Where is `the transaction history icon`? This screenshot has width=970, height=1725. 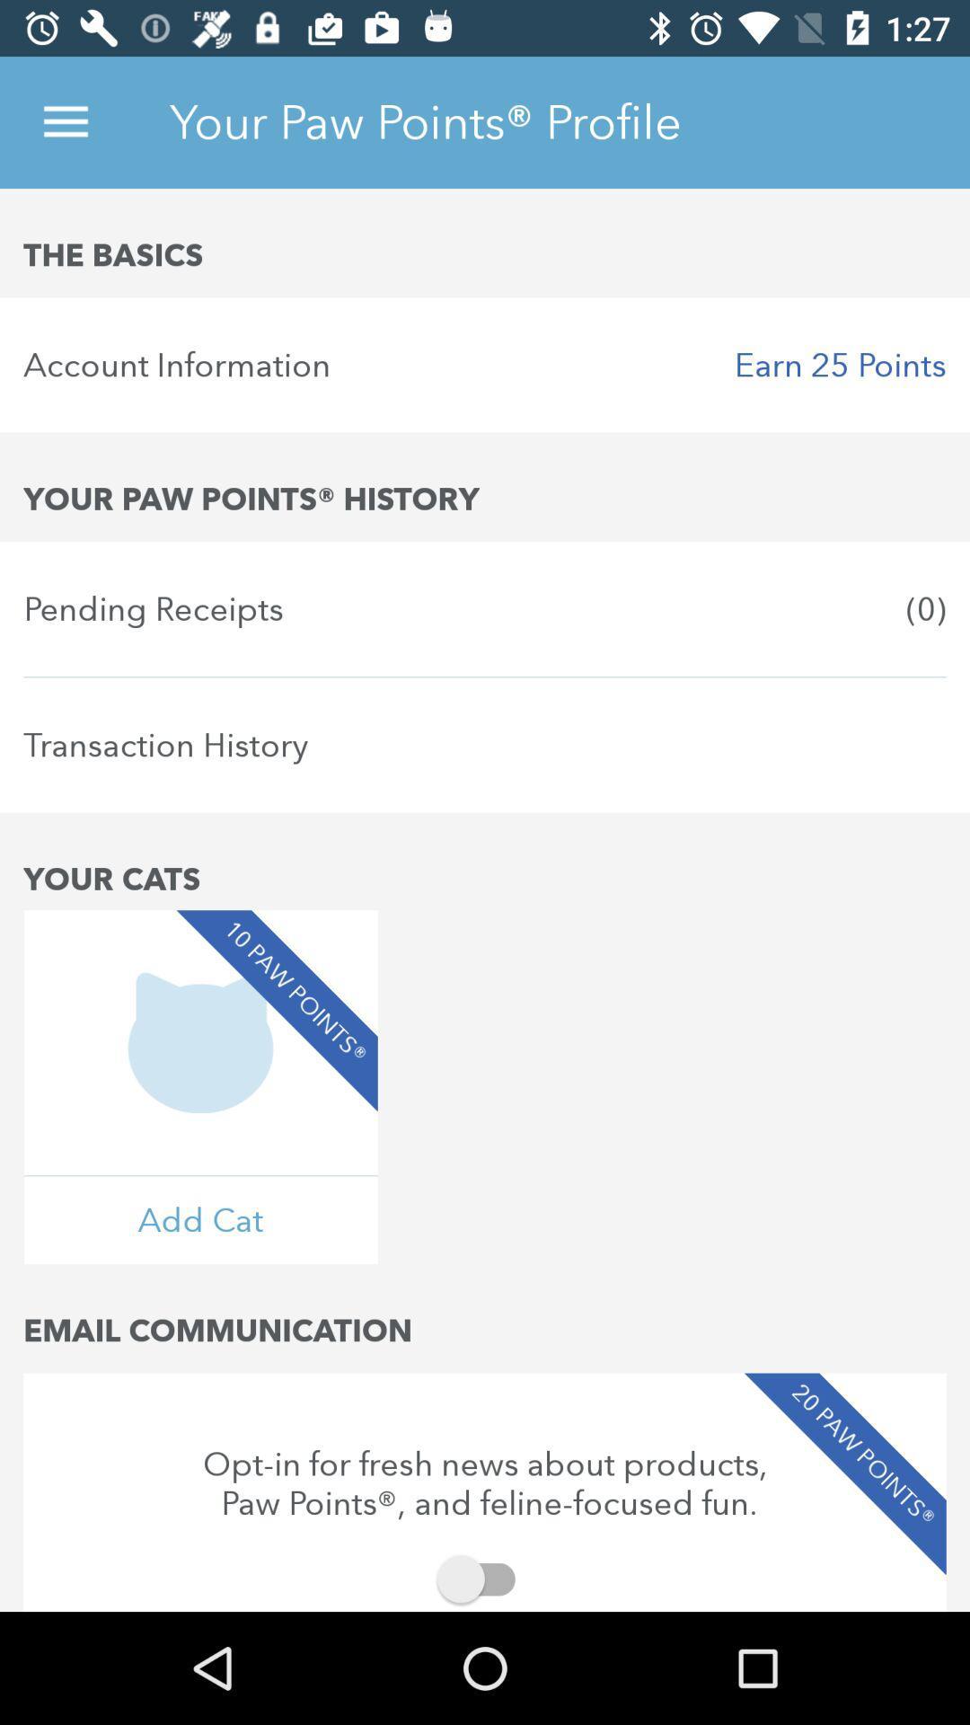
the transaction history icon is located at coordinates (485, 745).